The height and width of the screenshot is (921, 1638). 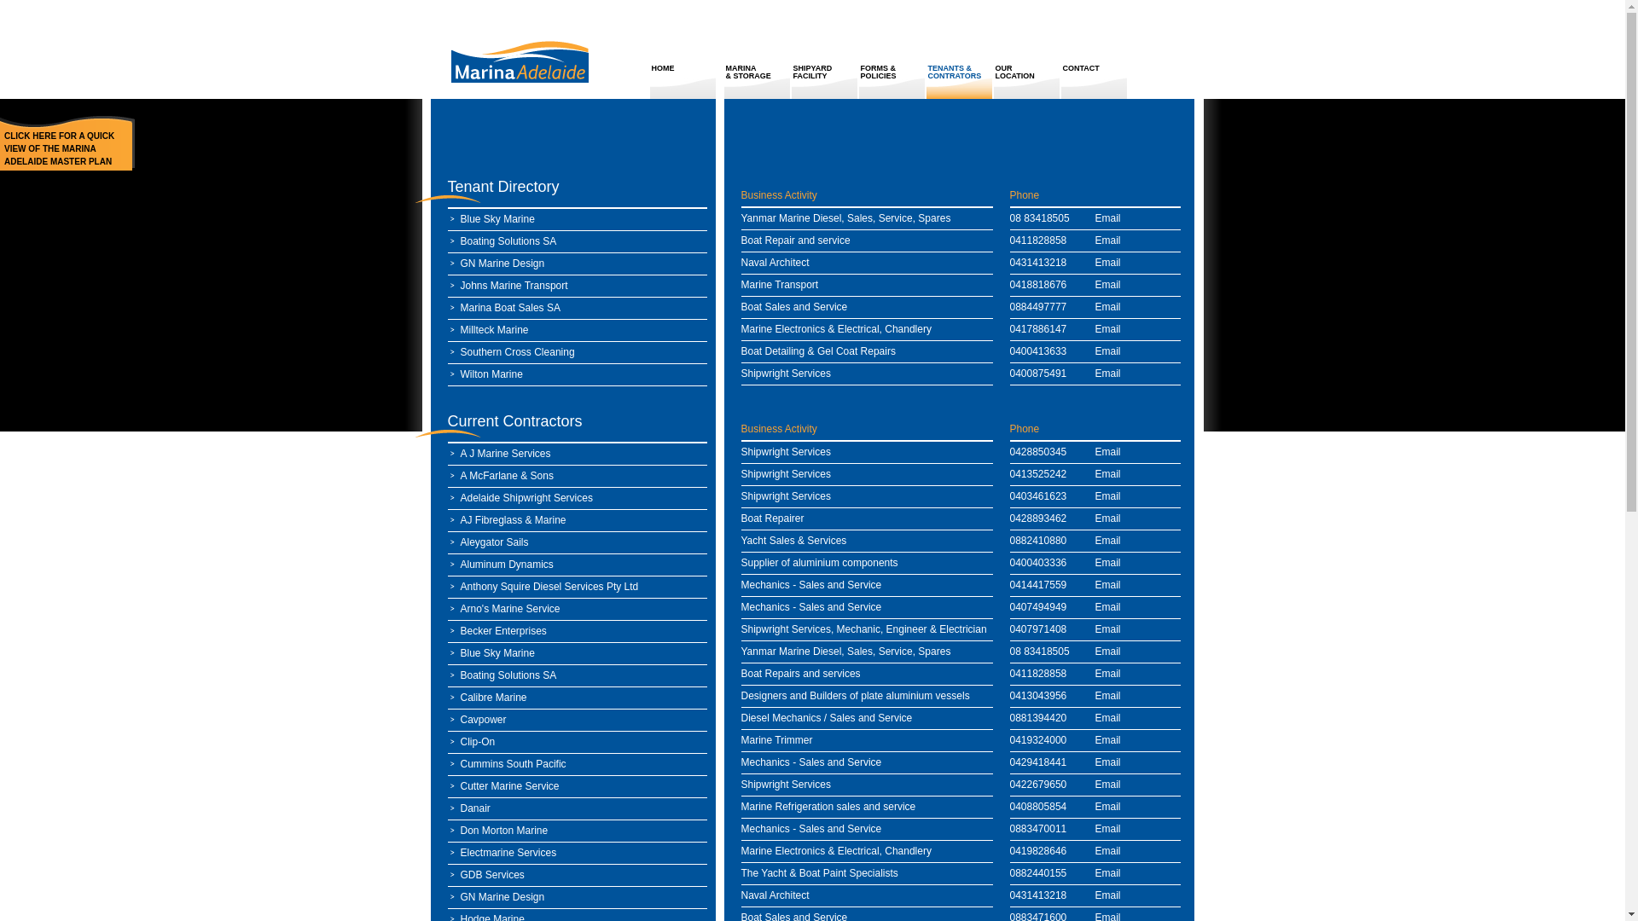 What do you see at coordinates (1108, 673) in the screenshot?
I see `'Email'` at bounding box center [1108, 673].